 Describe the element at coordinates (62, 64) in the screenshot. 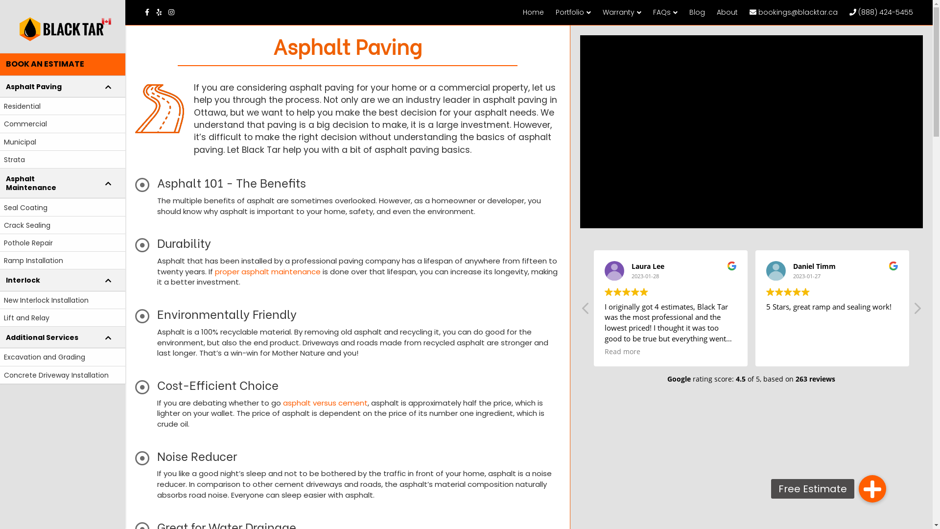

I see `'BOOK AN ESTIMATE'` at that location.